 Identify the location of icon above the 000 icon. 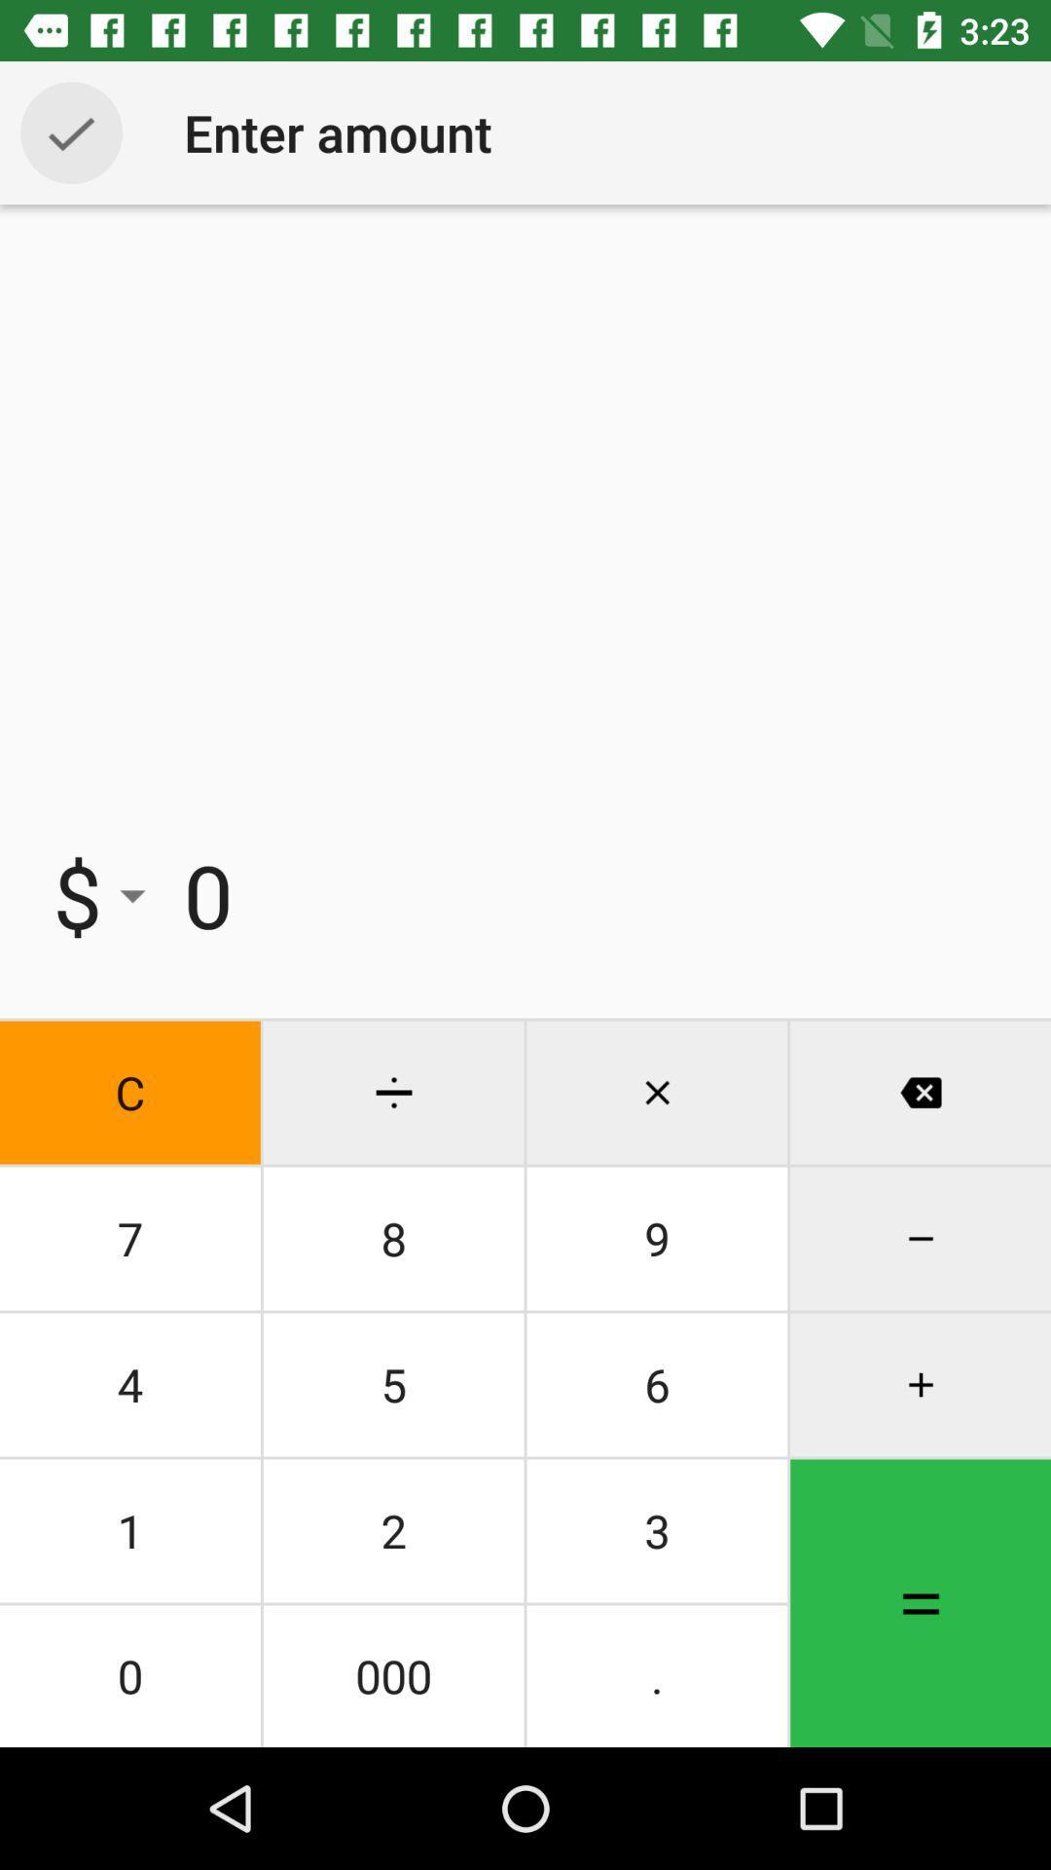
(657, 1529).